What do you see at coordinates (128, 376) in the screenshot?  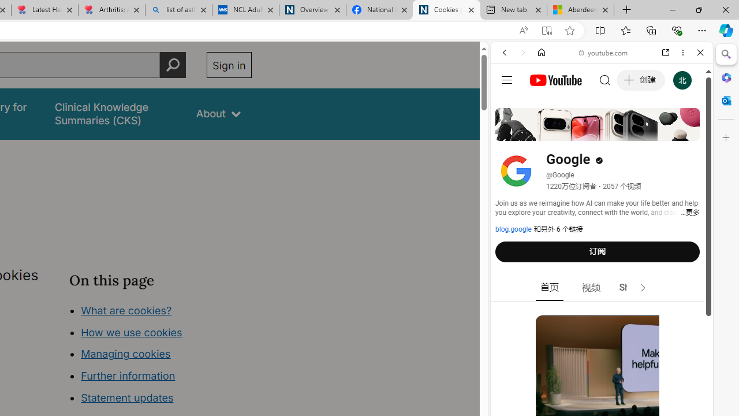 I see `'Further information'` at bounding box center [128, 376].